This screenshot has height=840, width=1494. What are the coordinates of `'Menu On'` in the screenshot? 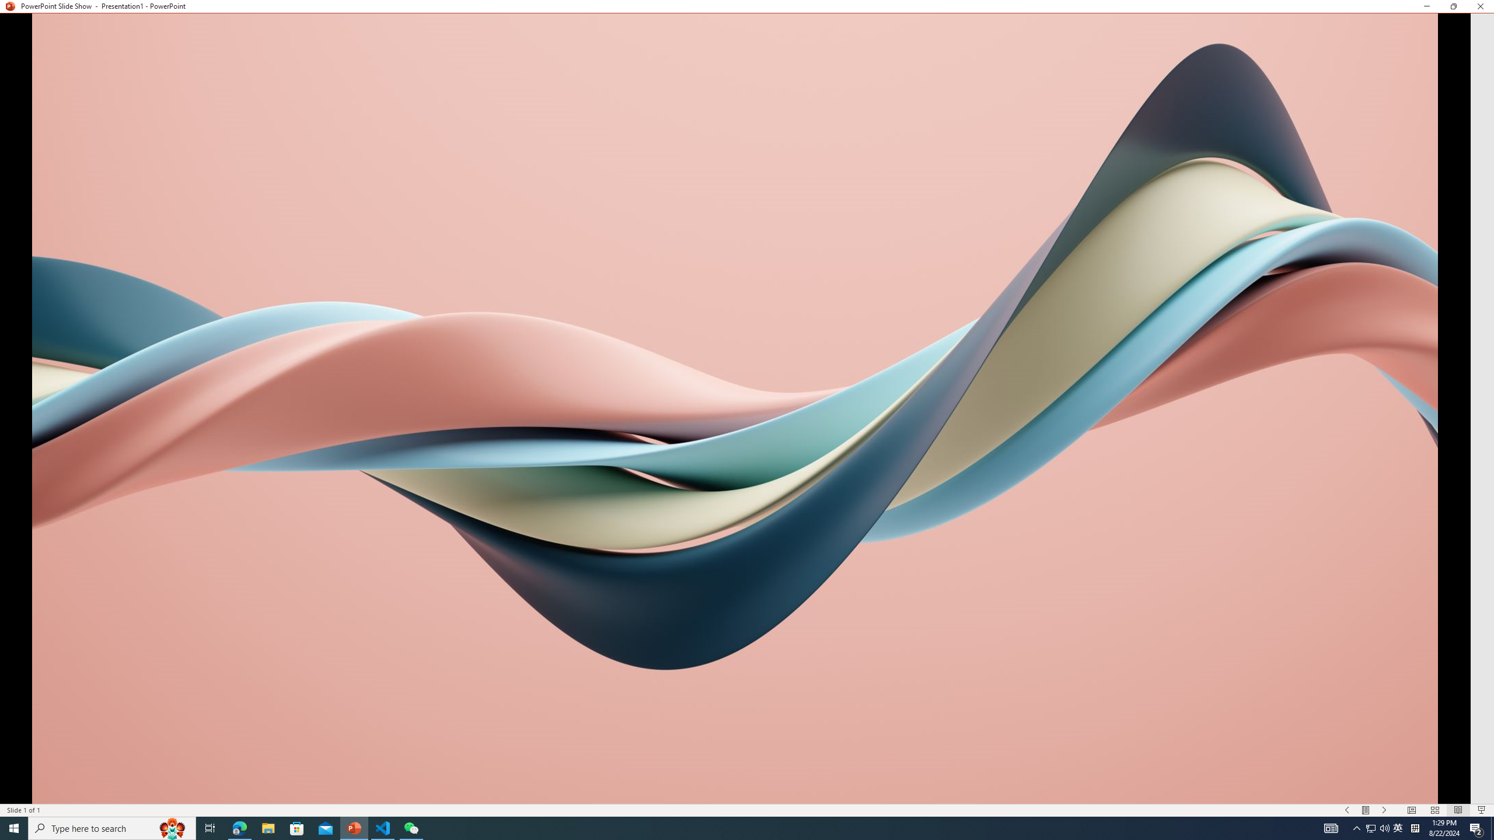 It's located at (1366, 810).